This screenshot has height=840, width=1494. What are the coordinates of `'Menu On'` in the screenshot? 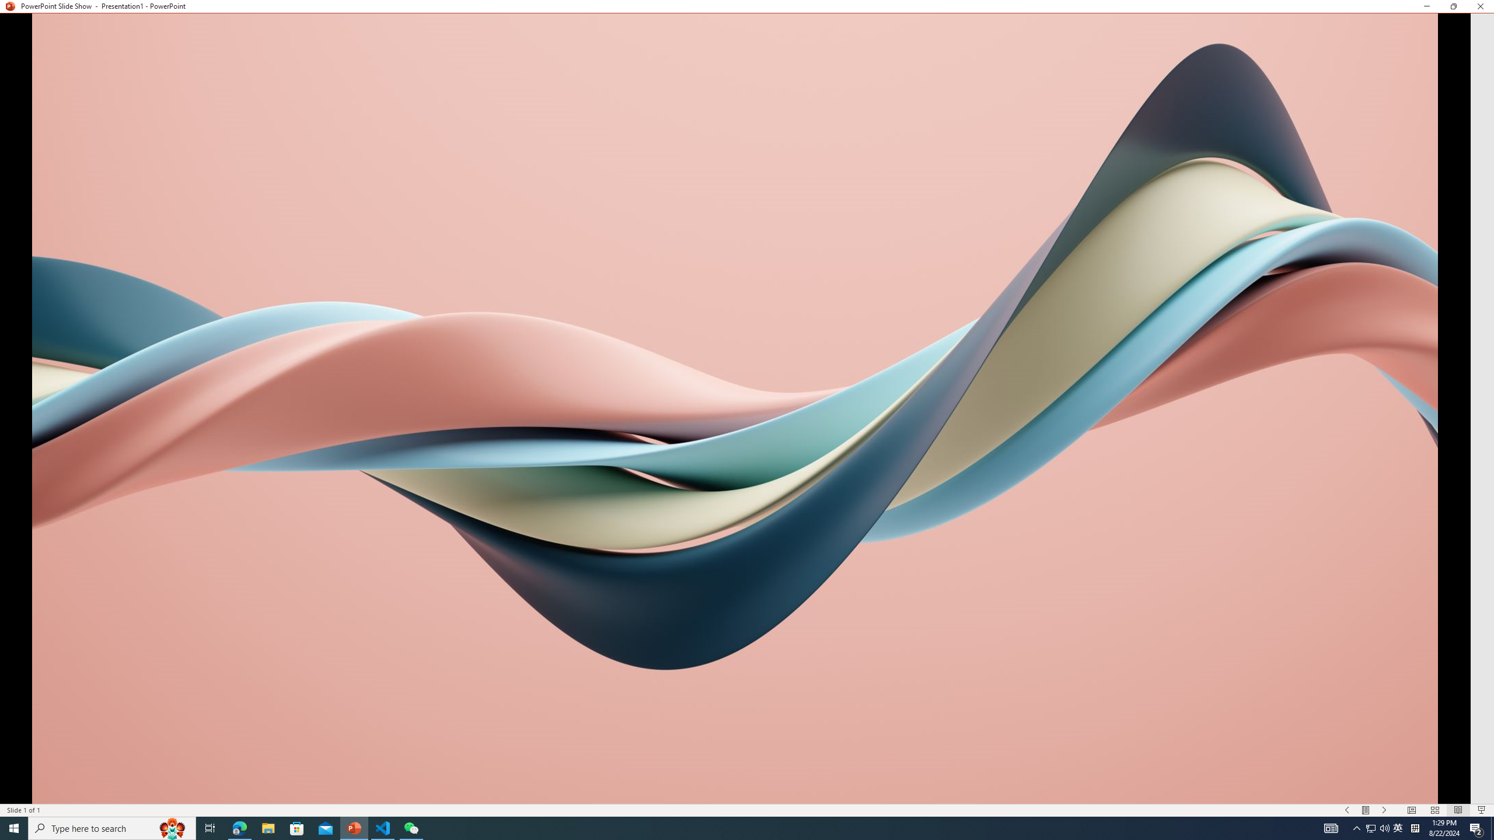 It's located at (1366, 810).